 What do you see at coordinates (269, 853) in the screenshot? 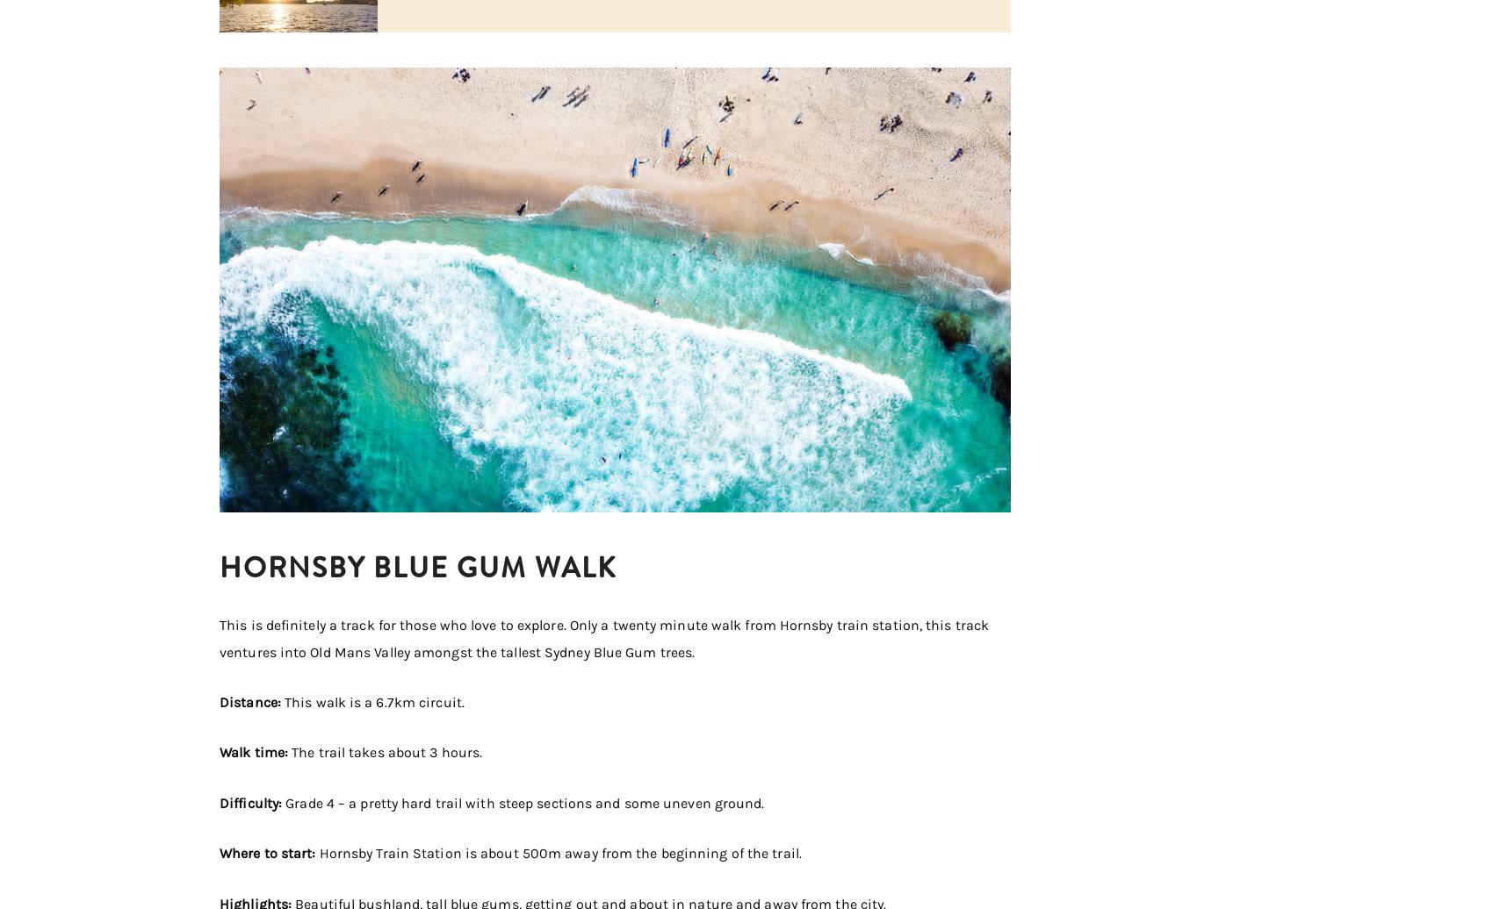
I see `'Where to start:'` at bounding box center [269, 853].